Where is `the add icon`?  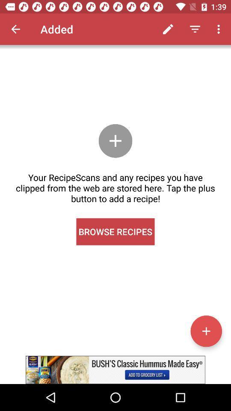
the add icon is located at coordinates (206, 331).